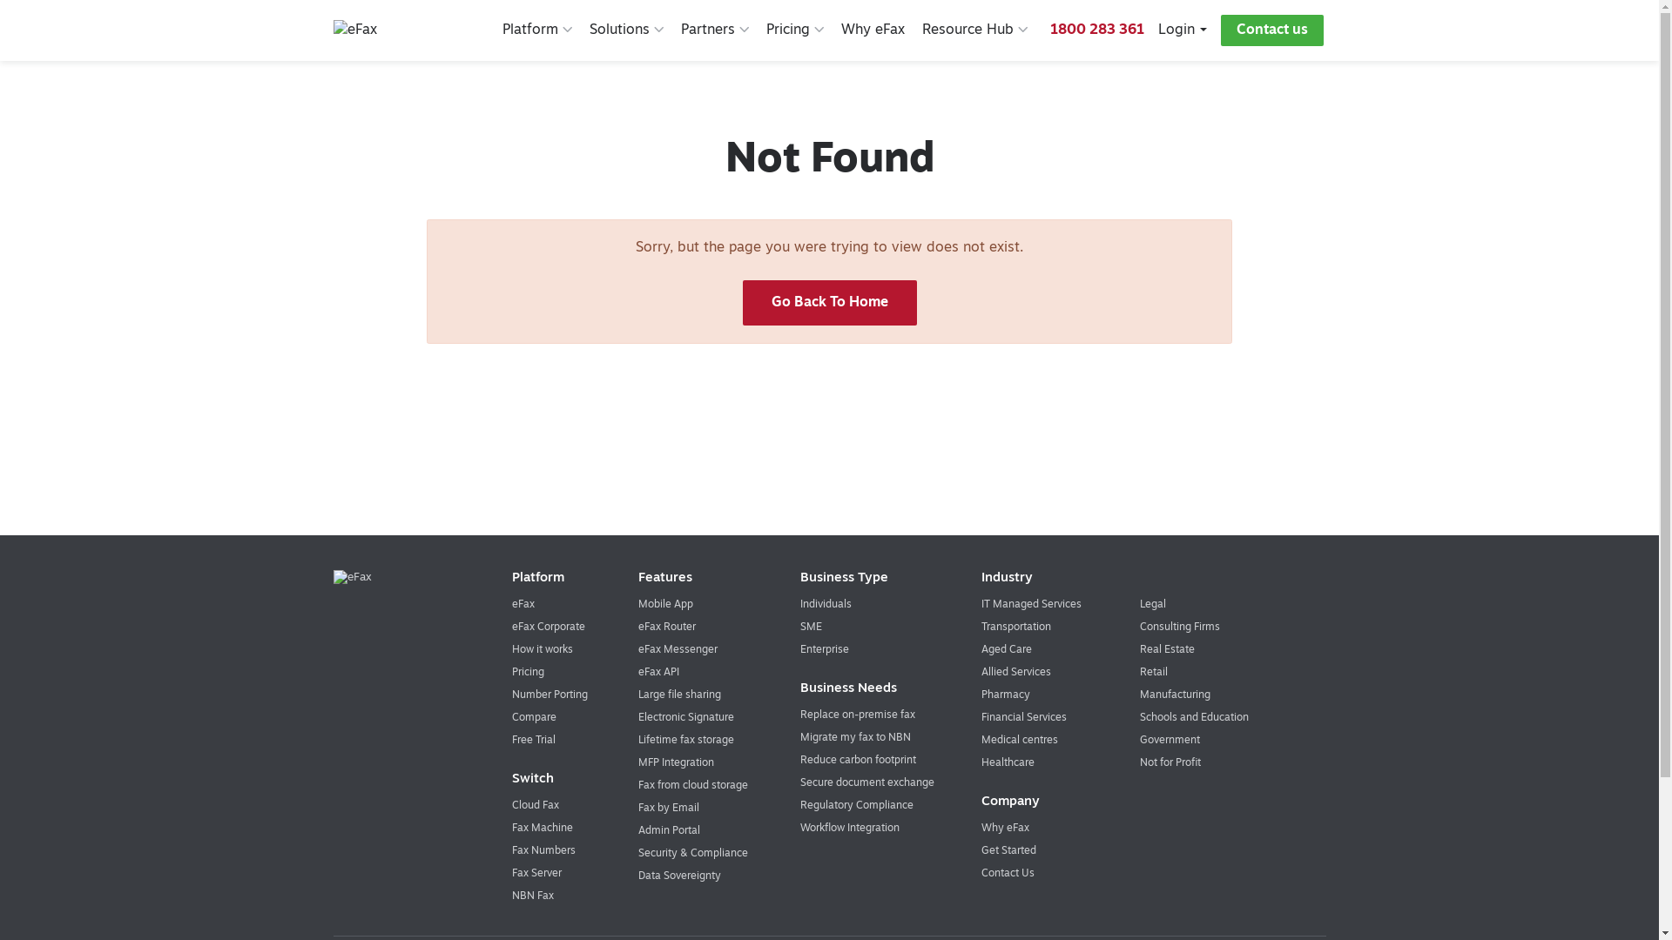  What do you see at coordinates (981, 671) in the screenshot?
I see `'Allied Services'` at bounding box center [981, 671].